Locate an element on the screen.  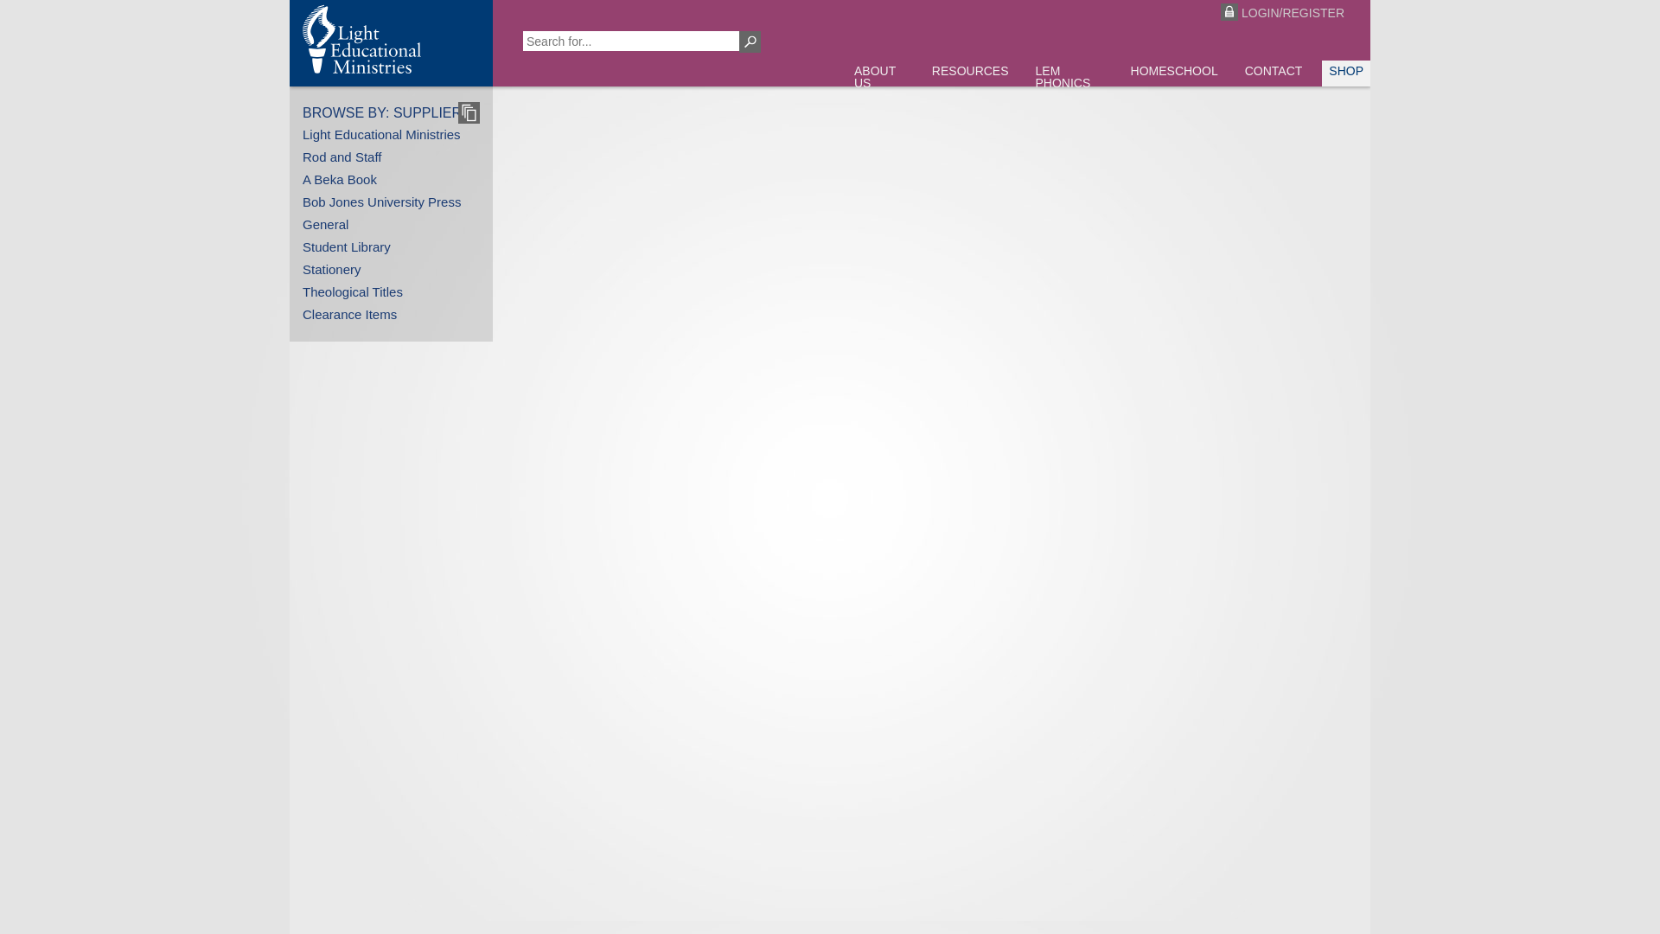
'CONTACT' is located at coordinates (1274, 72).